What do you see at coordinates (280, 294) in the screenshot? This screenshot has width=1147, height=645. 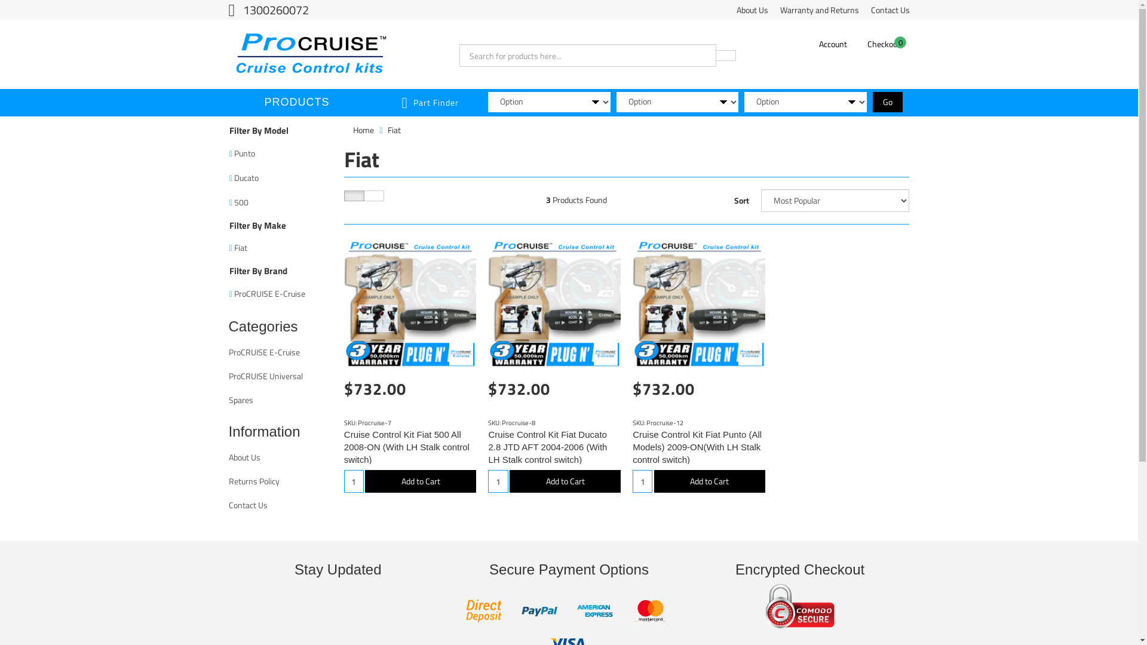 I see `'ProCRUISE E-Cruise'` at bounding box center [280, 294].